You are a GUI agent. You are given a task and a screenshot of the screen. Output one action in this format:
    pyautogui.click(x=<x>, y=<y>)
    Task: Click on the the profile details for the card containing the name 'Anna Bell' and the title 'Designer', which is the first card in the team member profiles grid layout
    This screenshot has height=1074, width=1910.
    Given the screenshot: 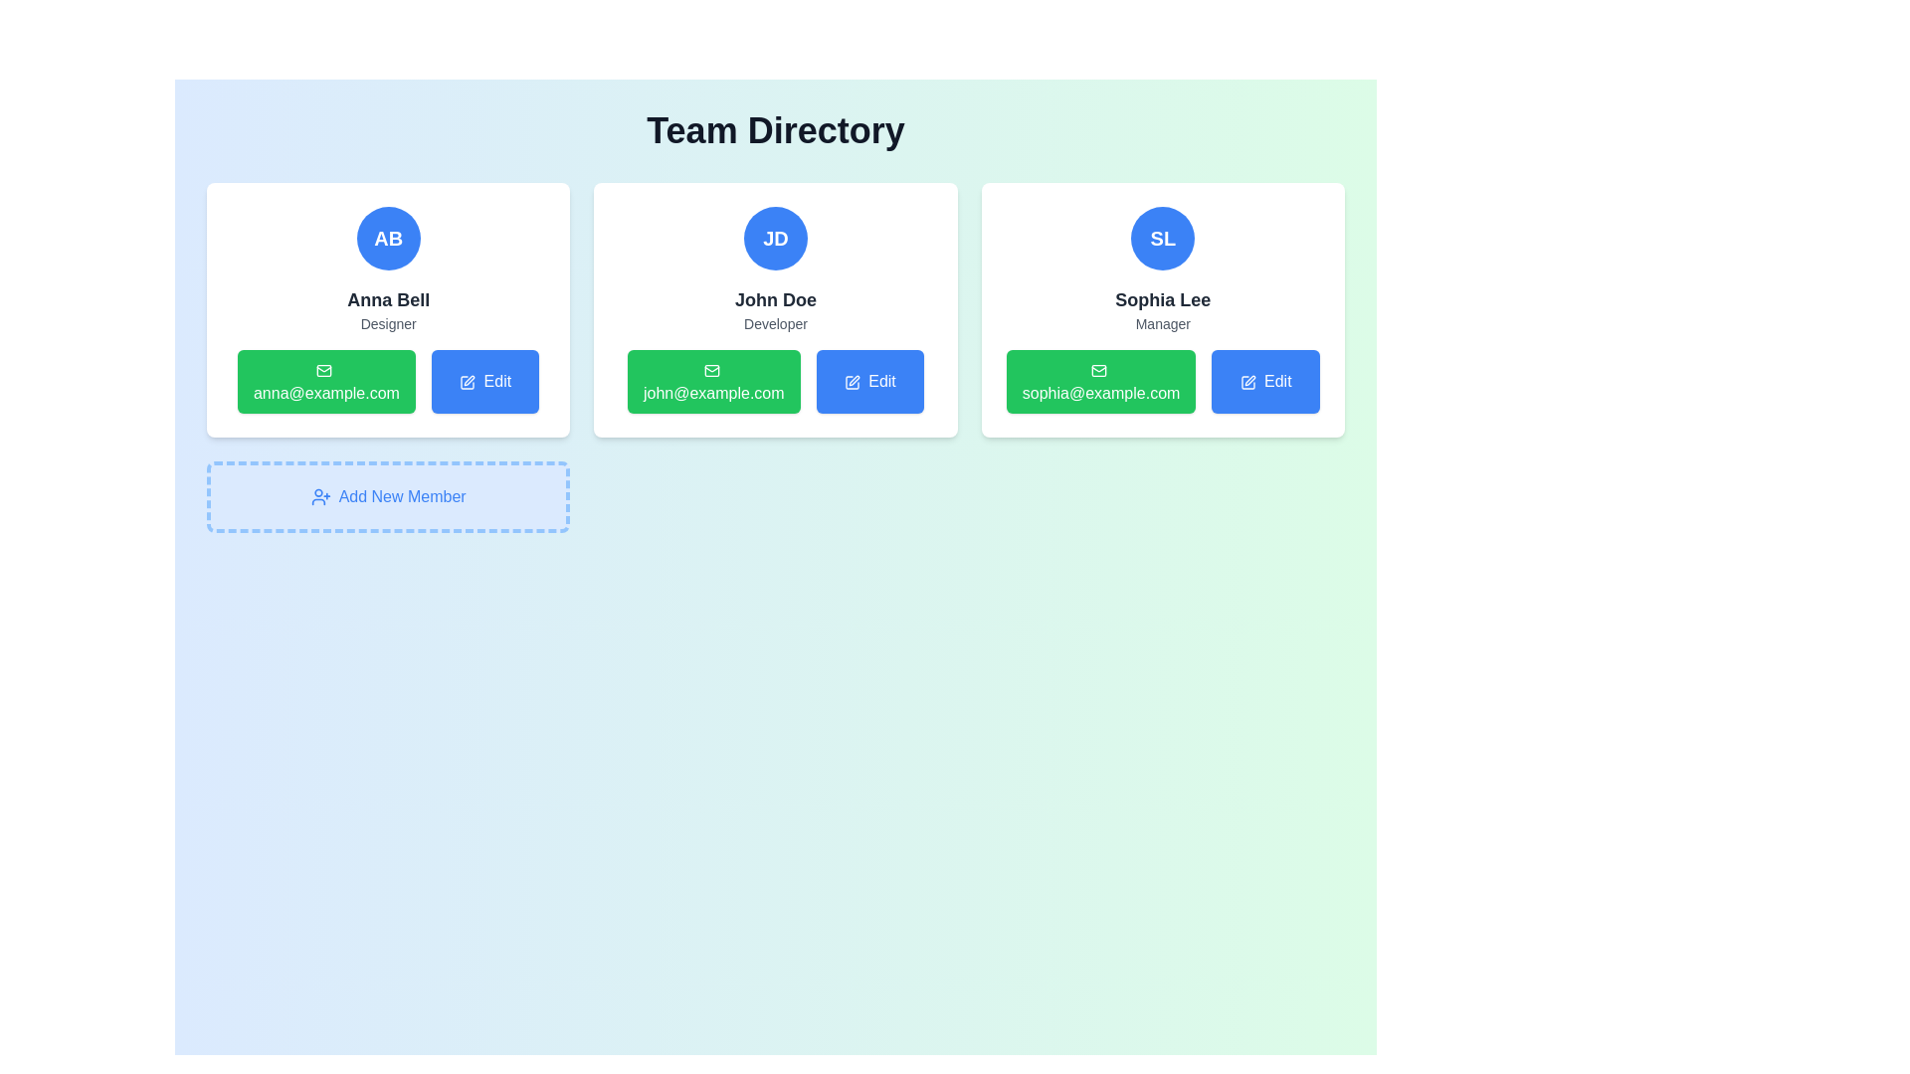 What is the action you would take?
    pyautogui.click(x=388, y=310)
    